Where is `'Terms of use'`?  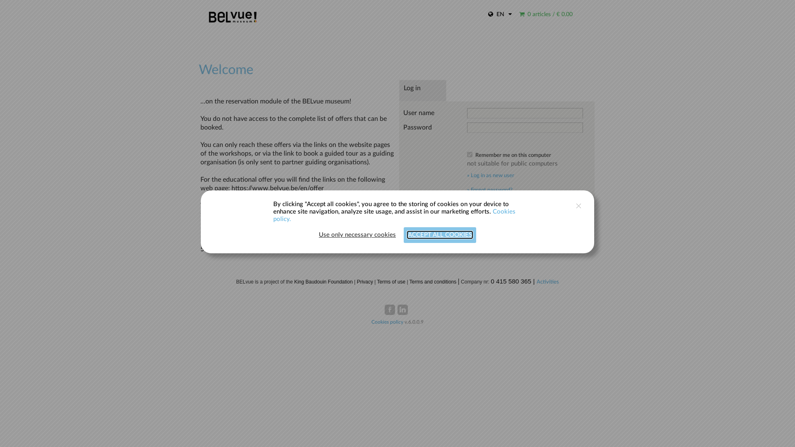 'Terms of use' is located at coordinates (391, 281).